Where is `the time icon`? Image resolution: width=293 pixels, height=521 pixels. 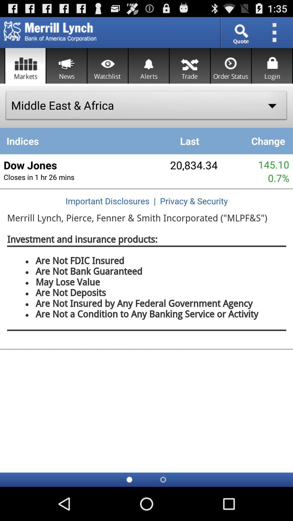
the time icon is located at coordinates (231, 70).